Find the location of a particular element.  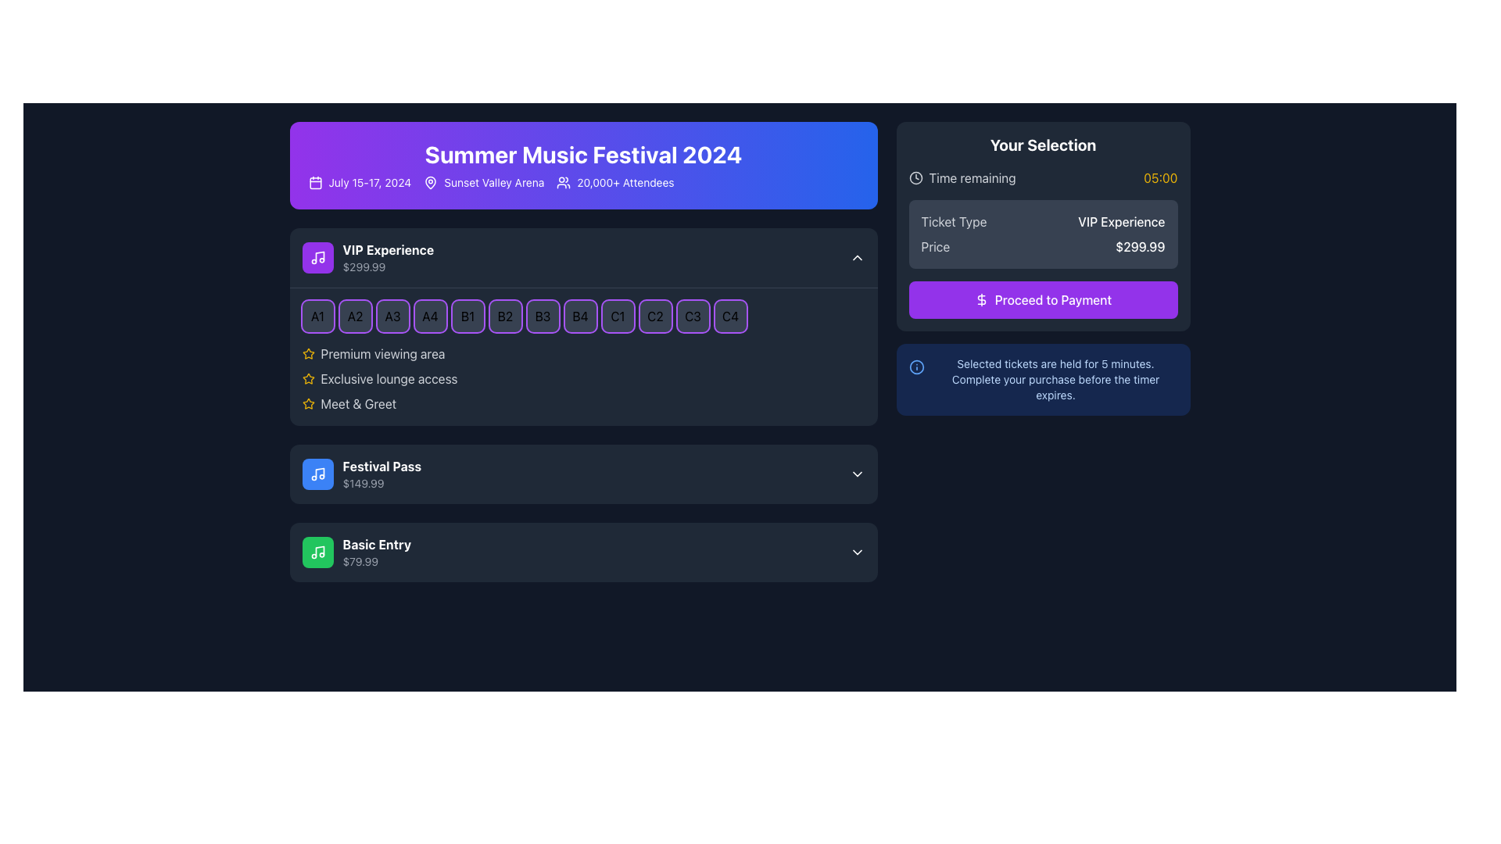

the 'C4' button is located at coordinates (729, 316).